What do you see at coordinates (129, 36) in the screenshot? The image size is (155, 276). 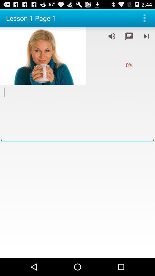 I see `write down notes` at bounding box center [129, 36].